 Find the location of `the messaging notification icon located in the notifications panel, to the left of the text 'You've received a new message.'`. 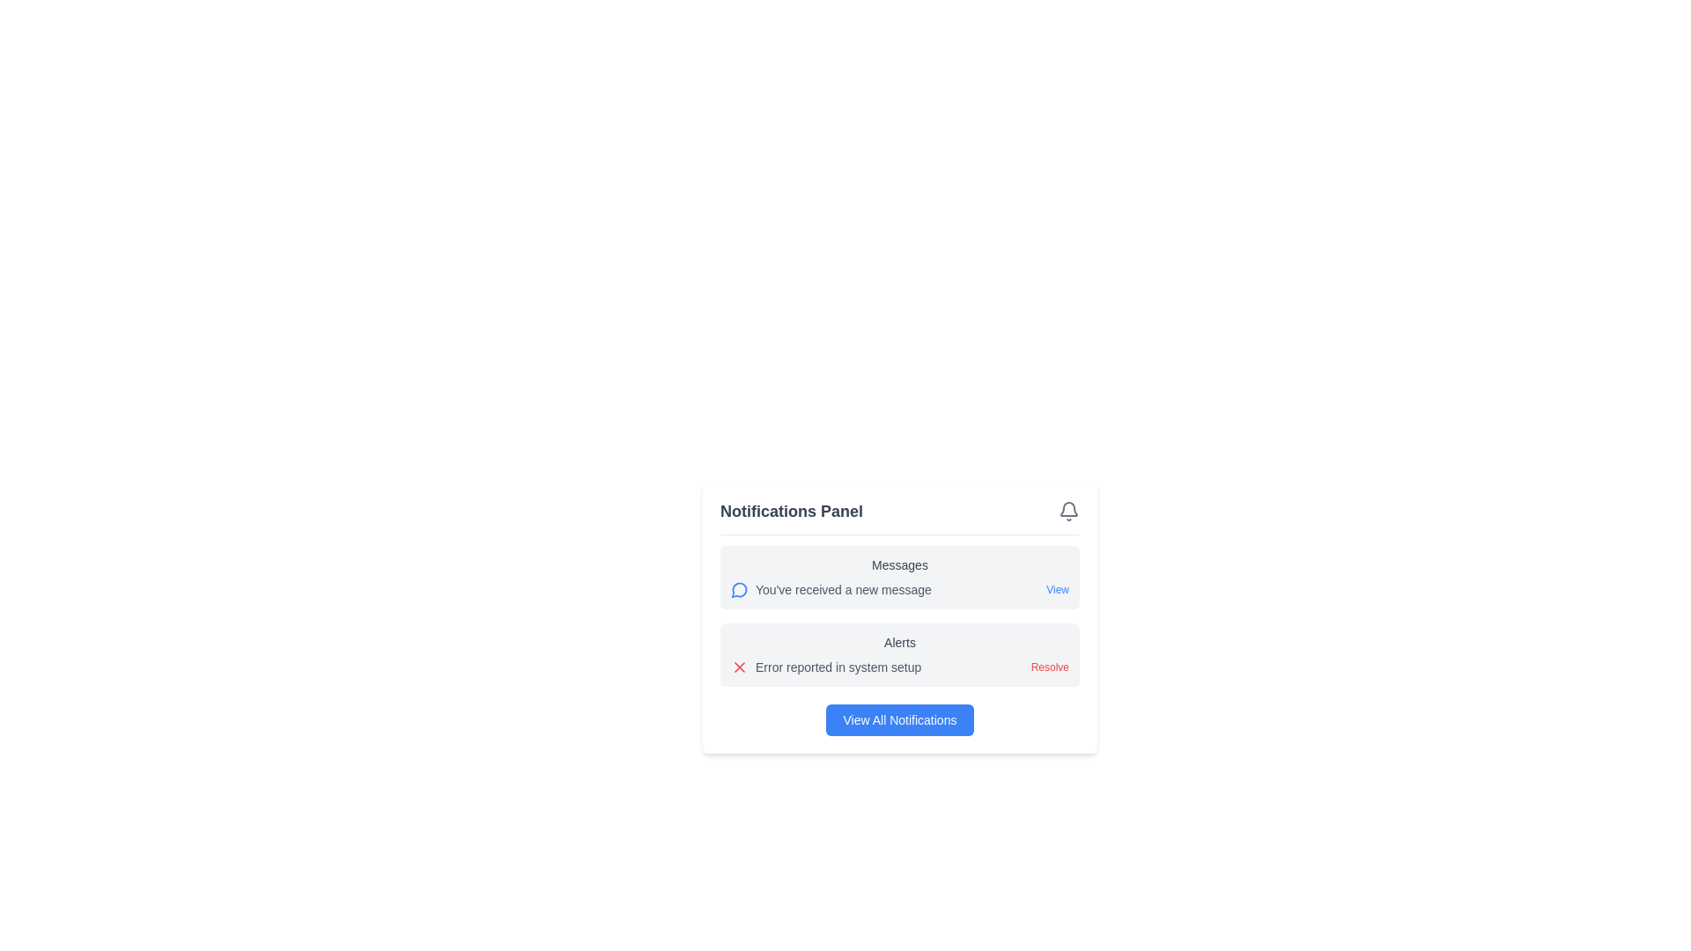

the messaging notification icon located in the notifications panel, to the left of the text 'You've received a new message.' is located at coordinates (740, 590).